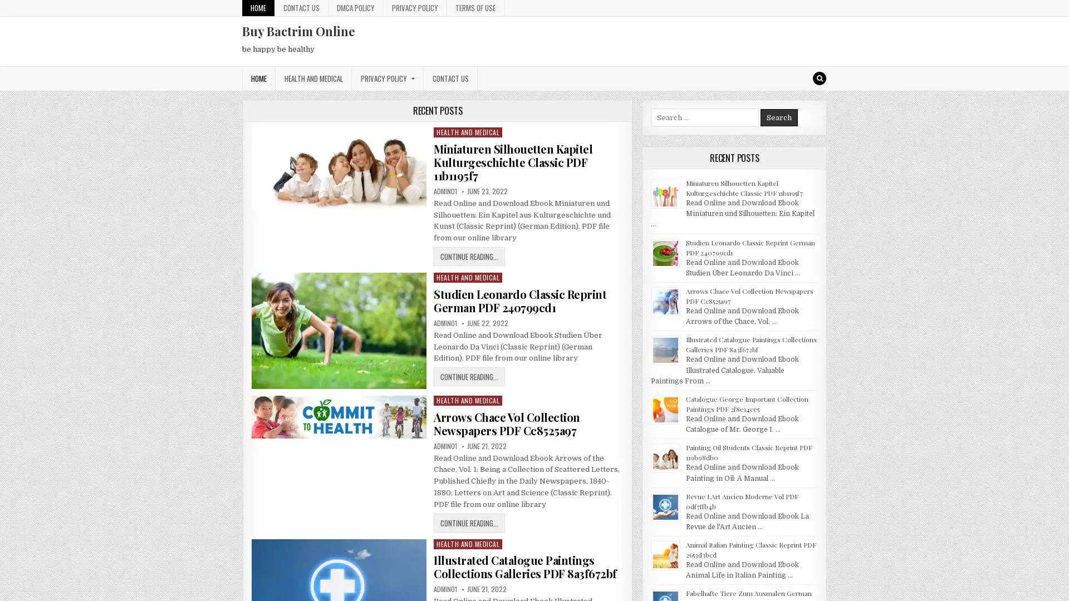 The height and width of the screenshot is (601, 1069). What do you see at coordinates (778, 117) in the screenshot?
I see `Search` at bounding box center [778, 117].